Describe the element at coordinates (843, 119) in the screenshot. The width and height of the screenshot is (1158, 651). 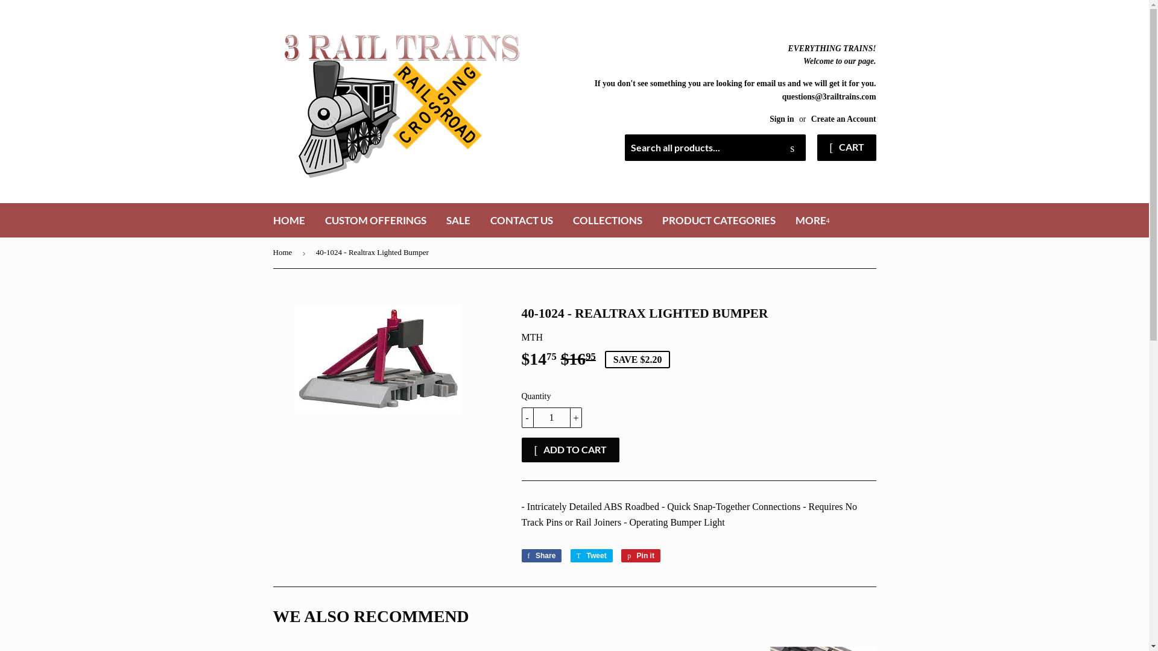
I see `'Create an Account'` at that location.